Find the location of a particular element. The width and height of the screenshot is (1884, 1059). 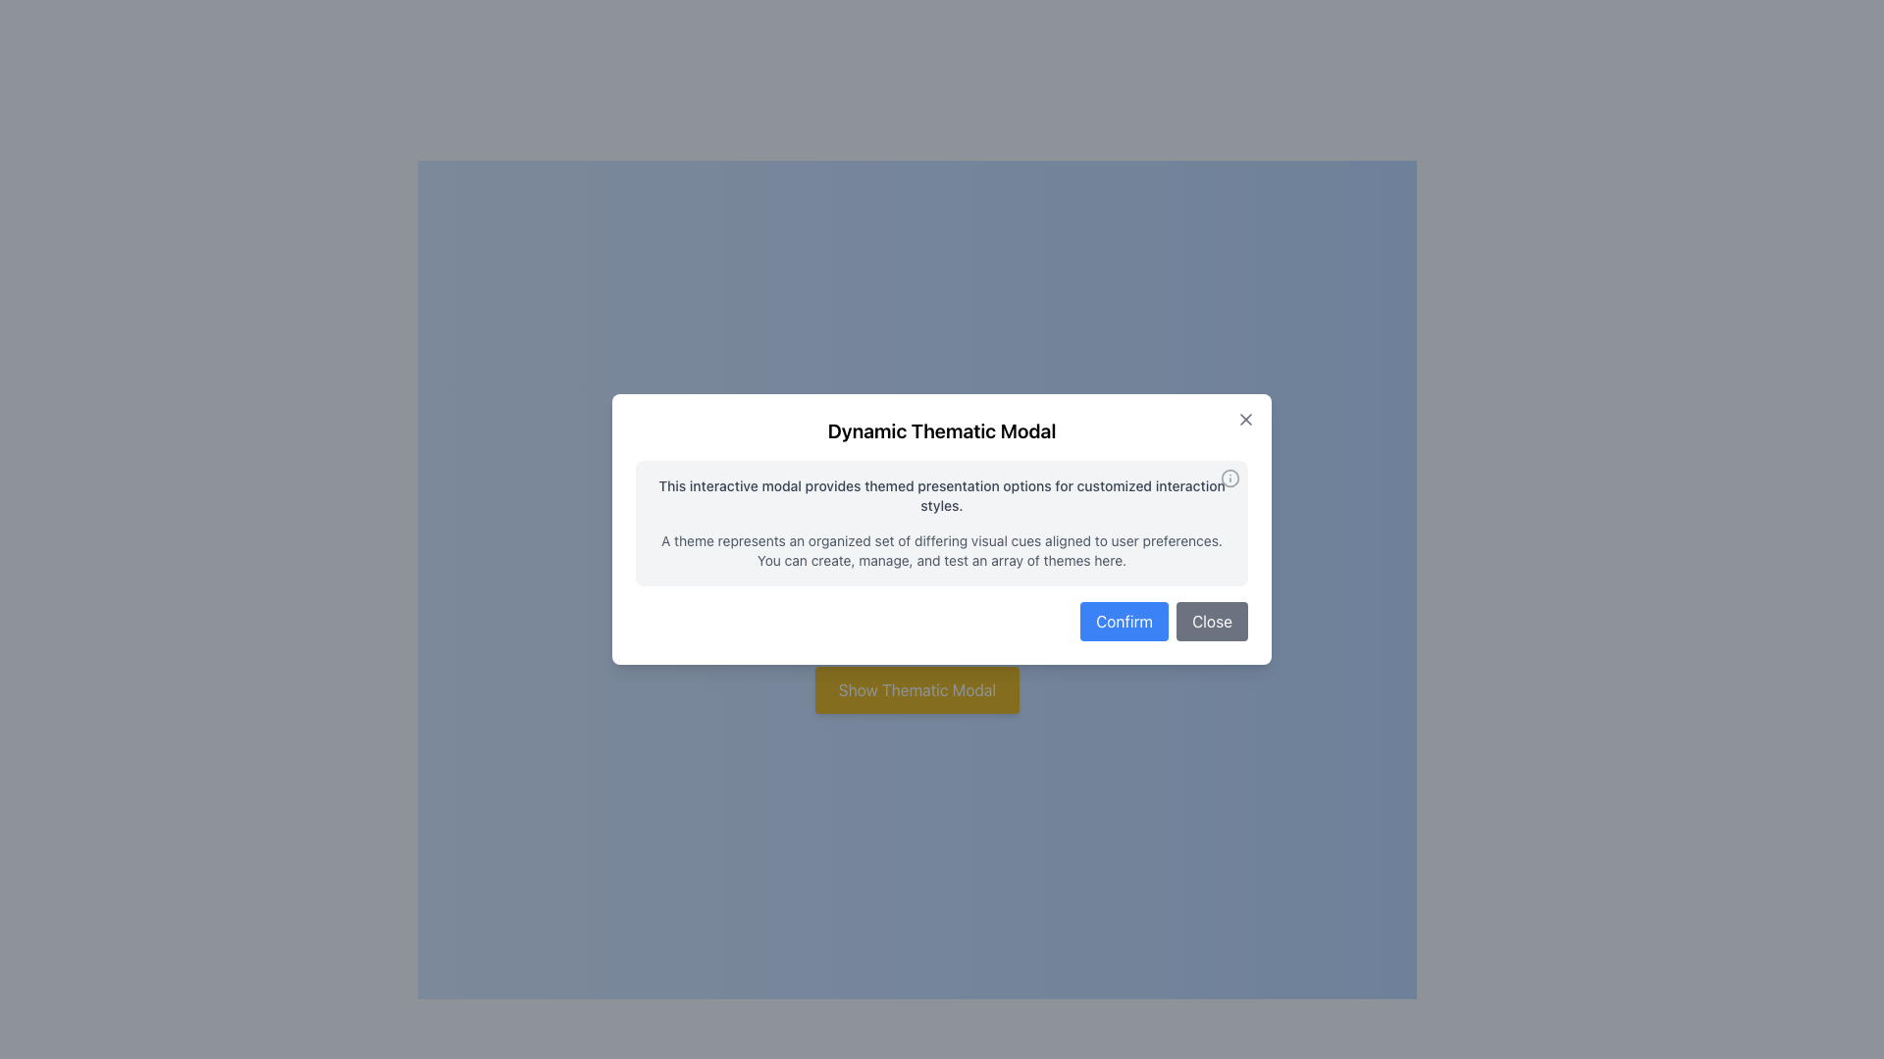

the 'Confirm' button, which has a blue background and white text, located near the bottom-right corner of the modal dialog is located at coordinates (1125, 621).